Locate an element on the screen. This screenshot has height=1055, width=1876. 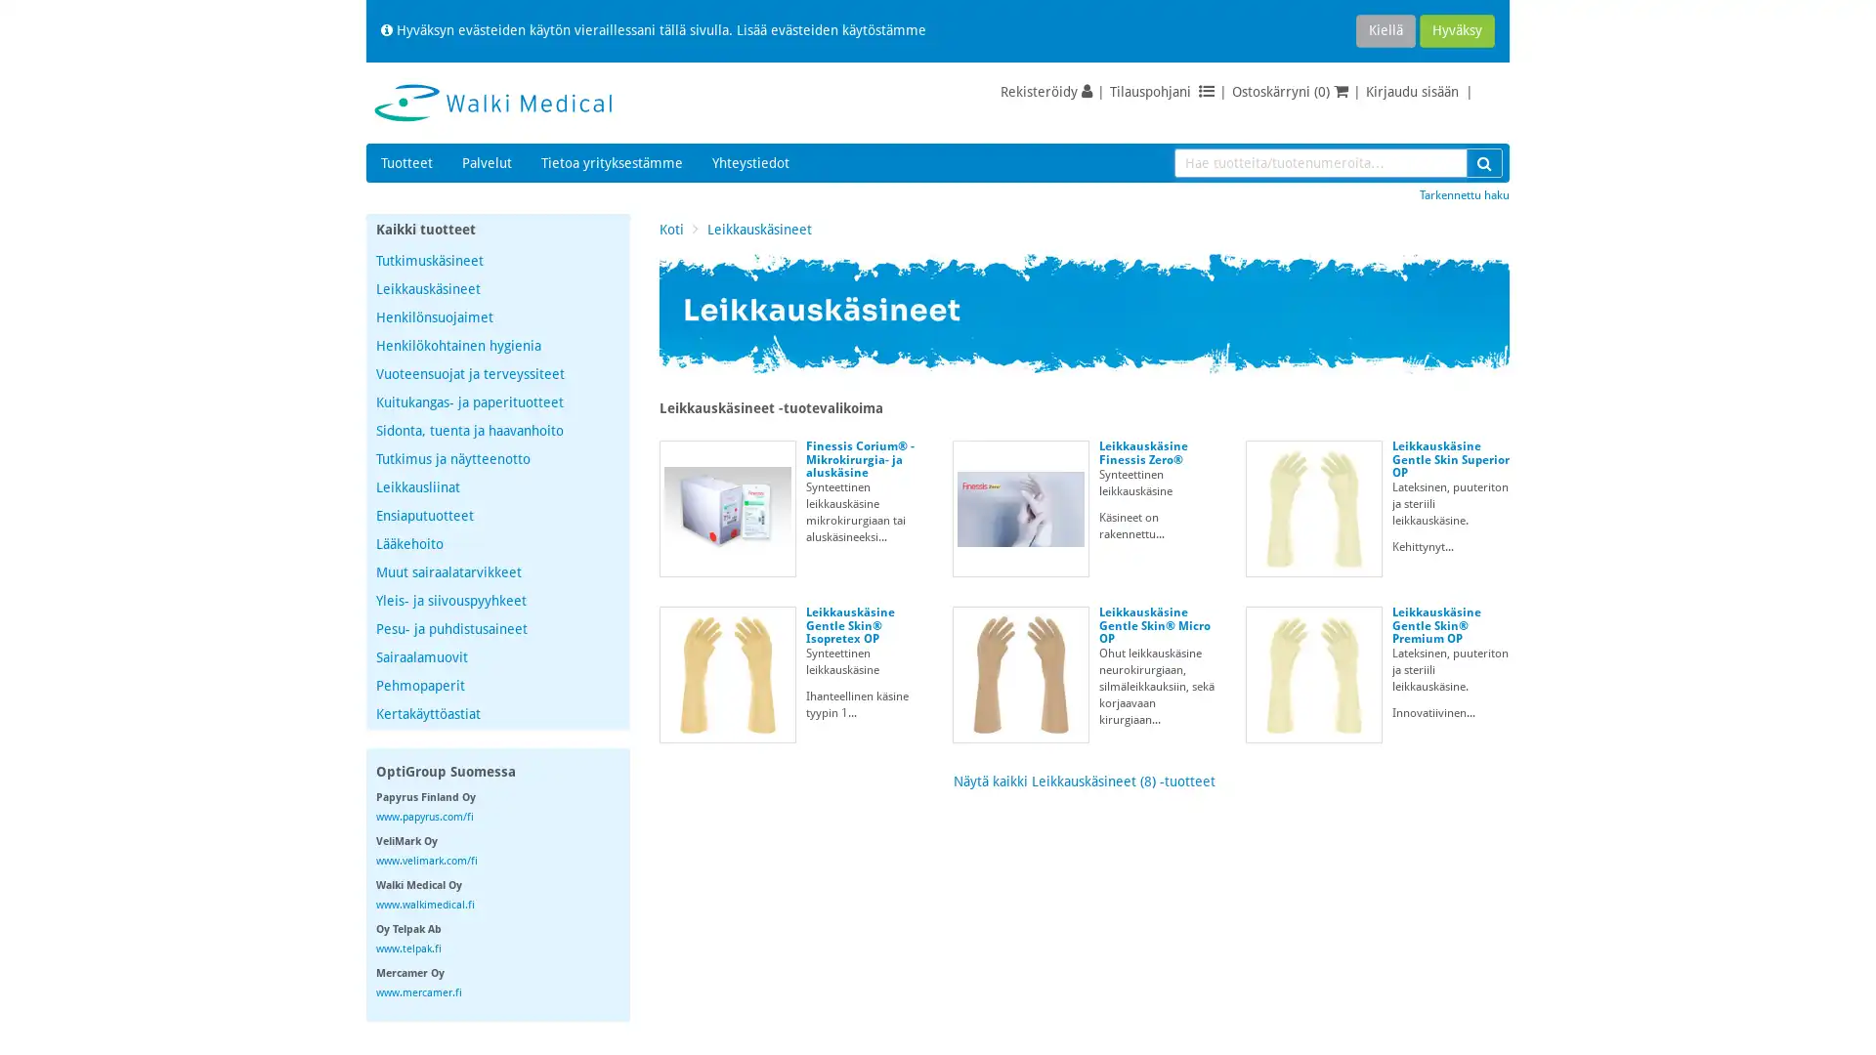
Kiella is located at coordinates (1385, 30).